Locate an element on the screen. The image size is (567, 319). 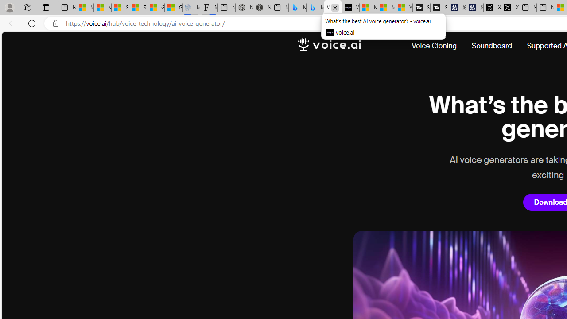
'Soundboard' is located at coordinates (491, 46).